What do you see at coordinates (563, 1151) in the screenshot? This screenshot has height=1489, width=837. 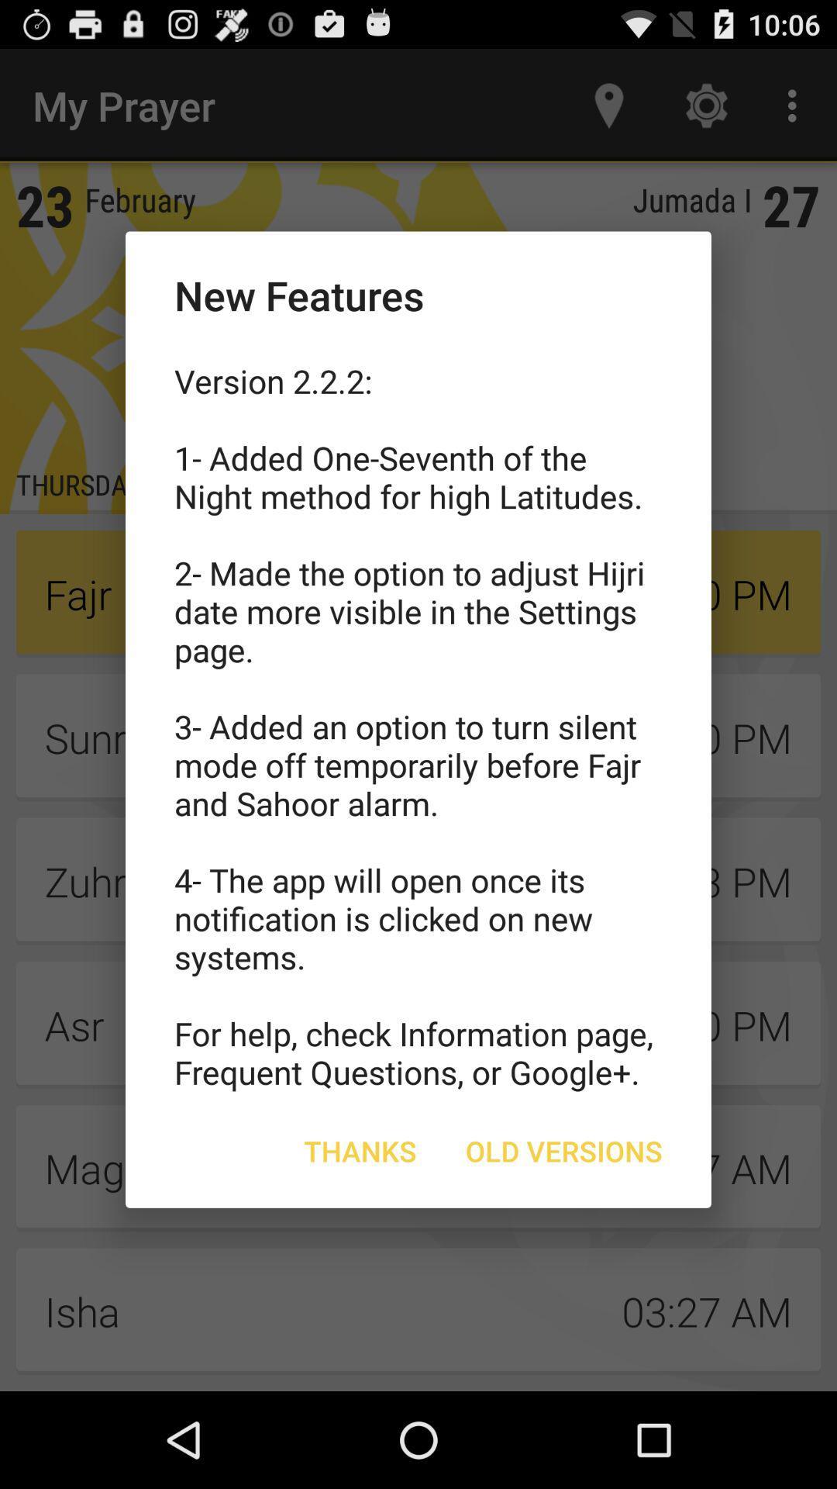 I see `the item at the bottom right corner` at bounding box center [563, 1151].